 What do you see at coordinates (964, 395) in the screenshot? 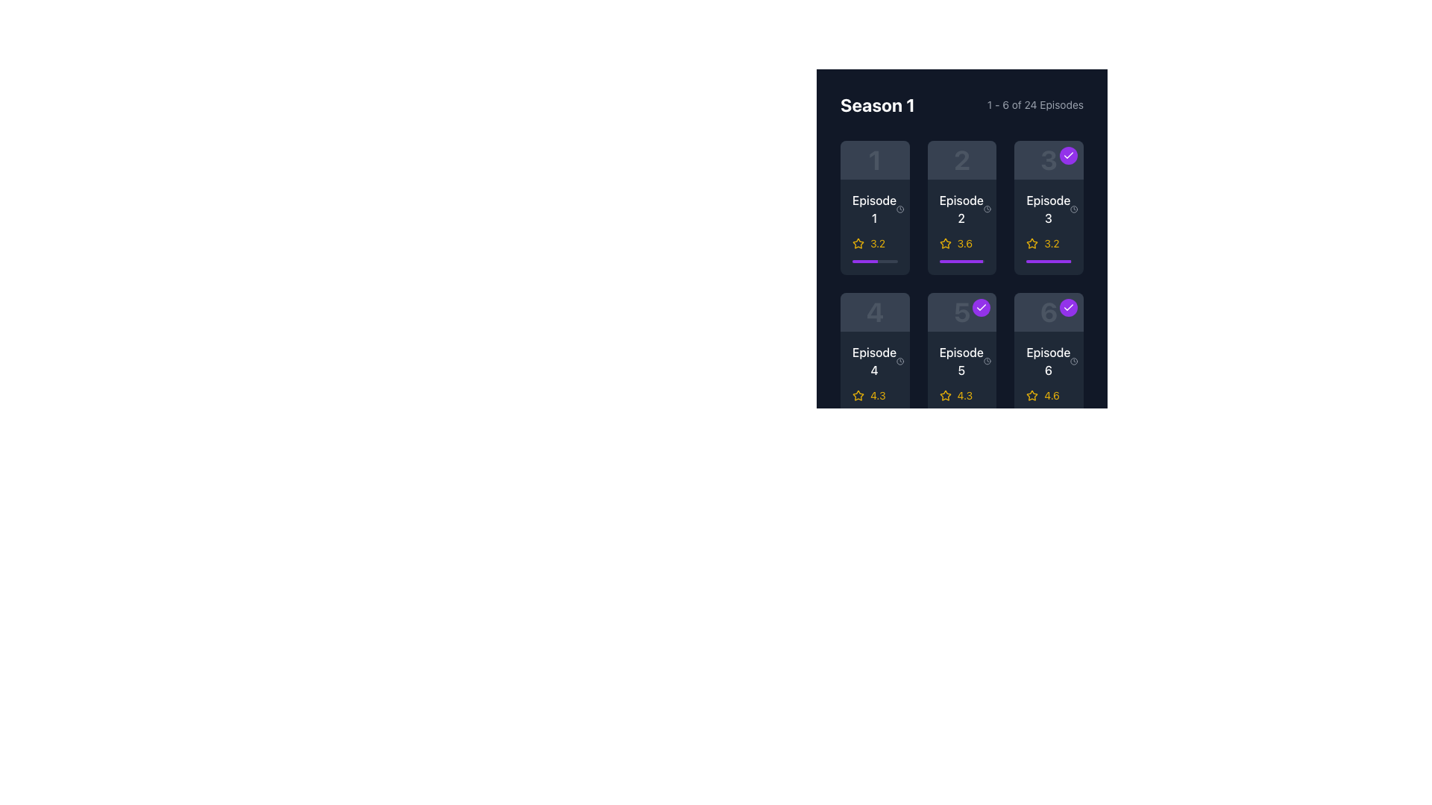
I see `rating score text located below Episode 5's title, positioned to the right of the star icon in the rating layout` at bounding box center [964, 395].